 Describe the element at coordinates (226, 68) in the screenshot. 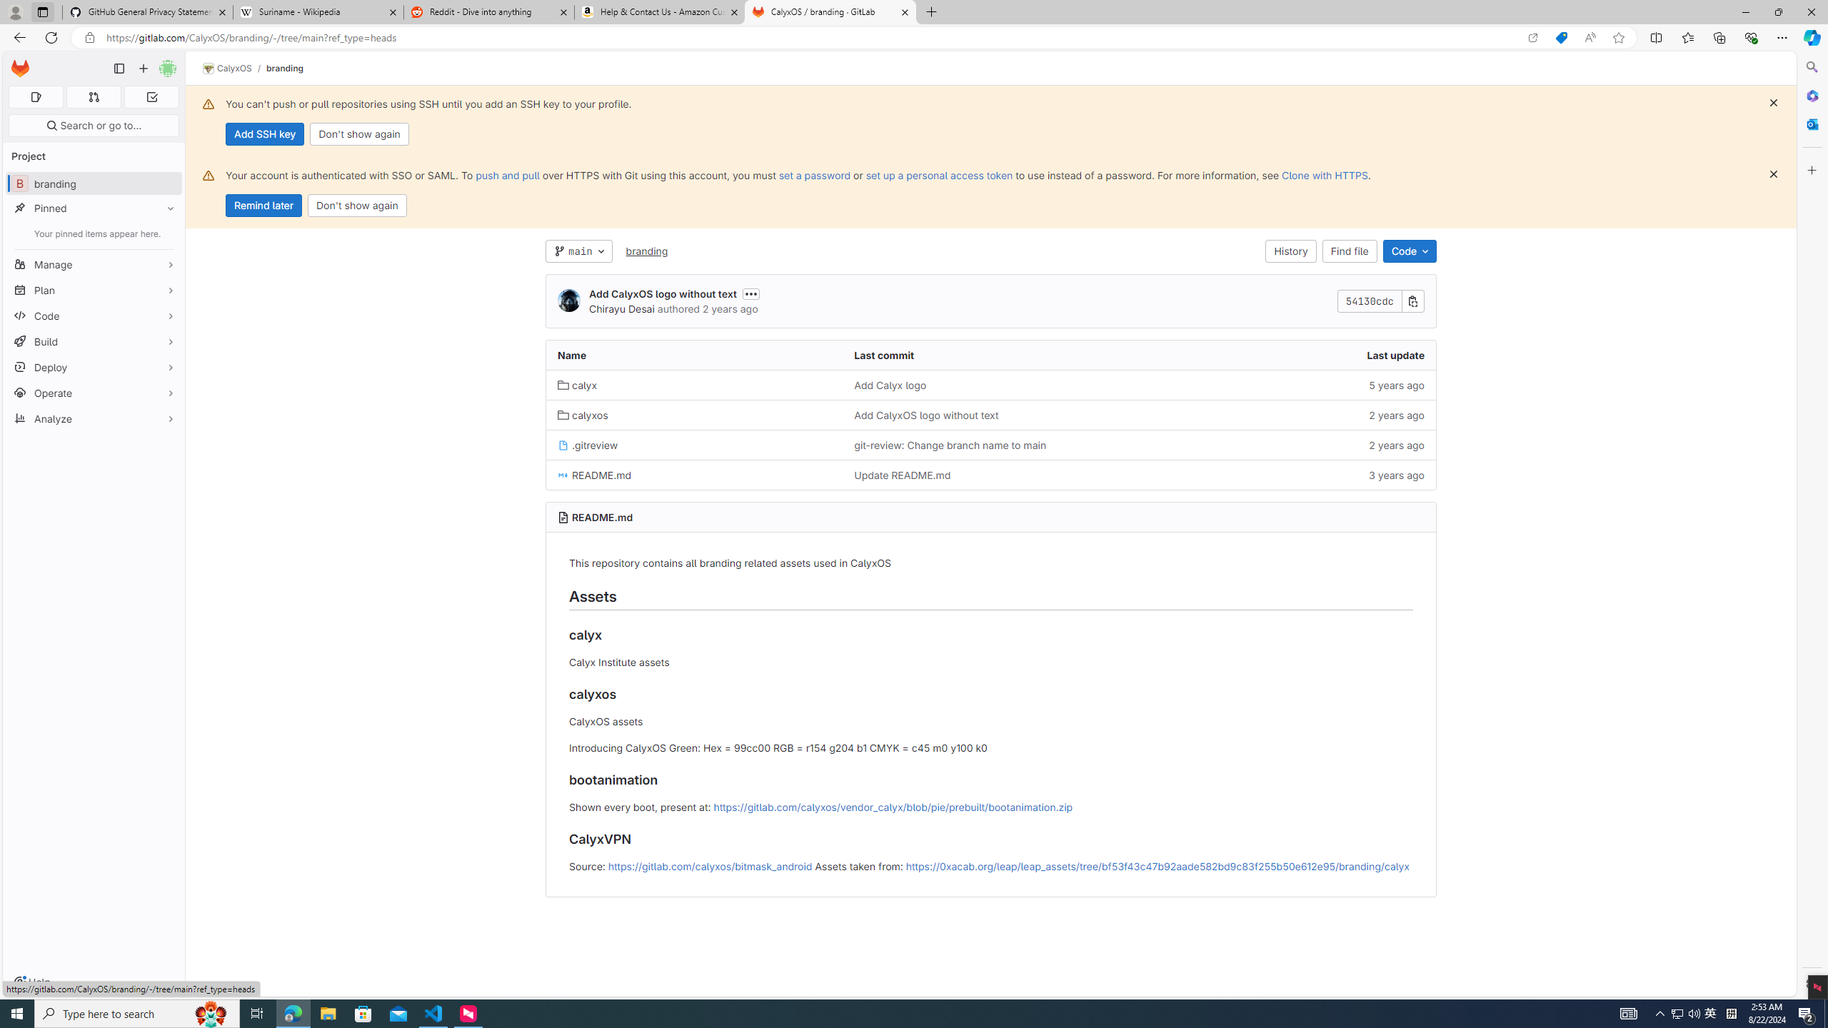

I see `'CalyxOS'` at that location.